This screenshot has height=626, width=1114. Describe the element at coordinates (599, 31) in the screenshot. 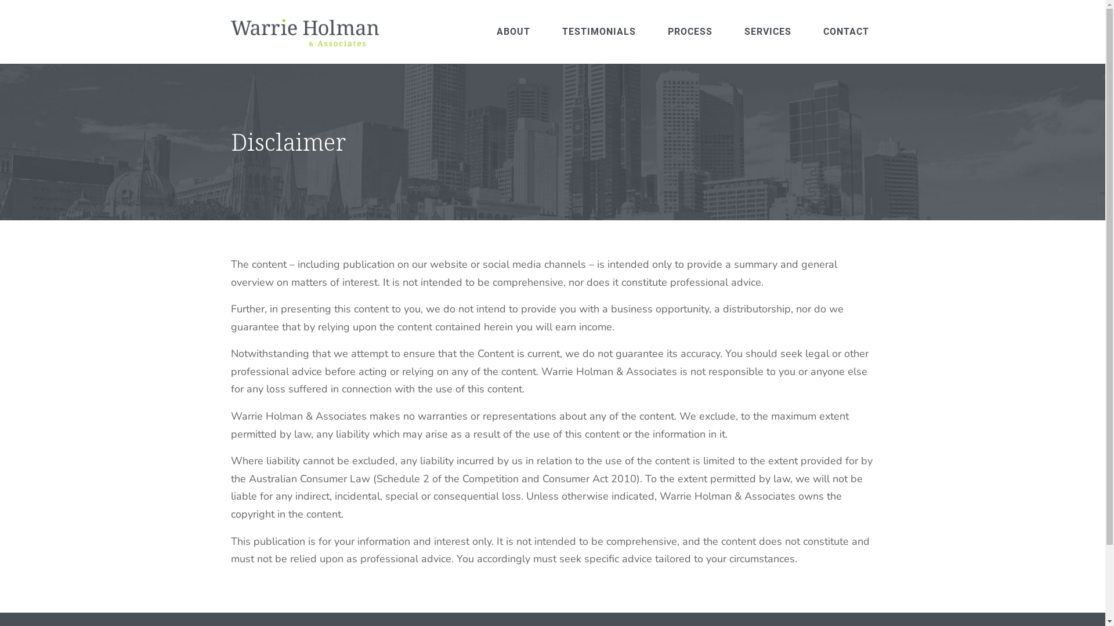

I see `'TESTIMONIALS'` at that location.